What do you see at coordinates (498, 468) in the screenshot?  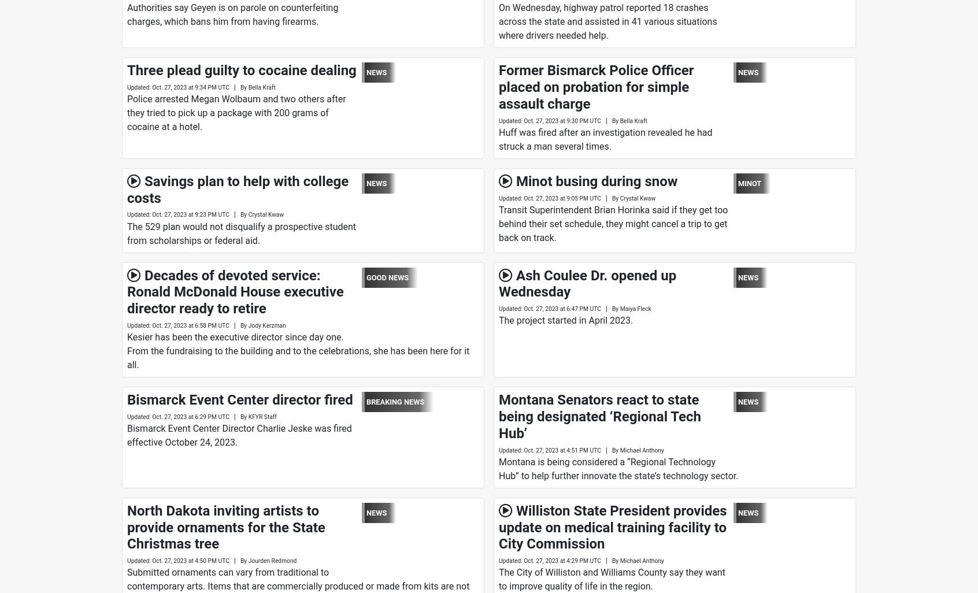 I see `'Montana is being considered a “Regional Technology Hub” to help further innovate the state’s technology sector.'` at bounding box center [498, 468].